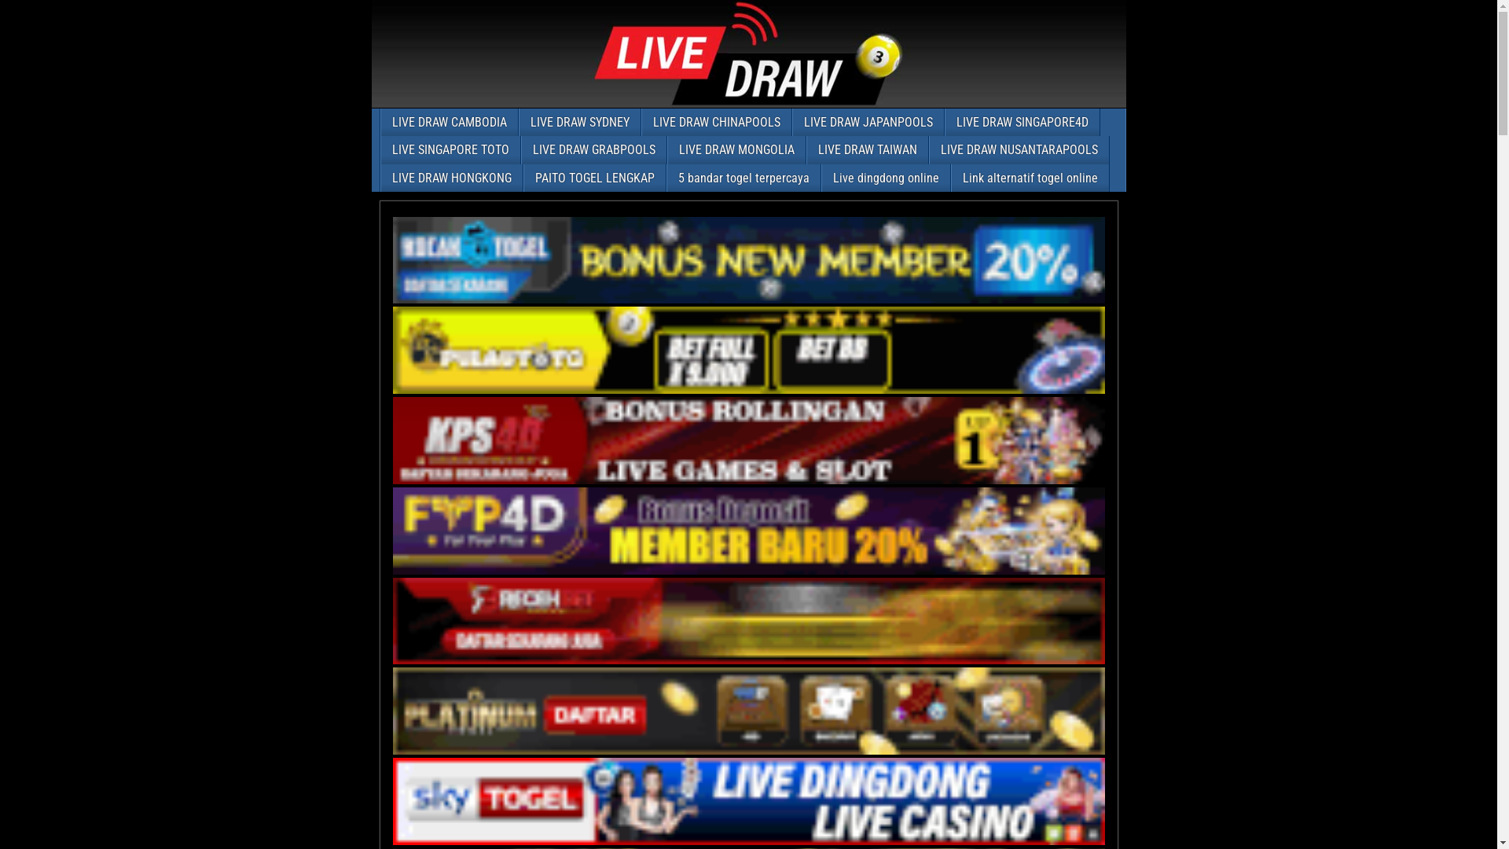  What do you see at coordinates (593, 149) in the screenshot?
I see `'LIVE DRAW GRABPOOLS'` at bounding box center [593, 149].